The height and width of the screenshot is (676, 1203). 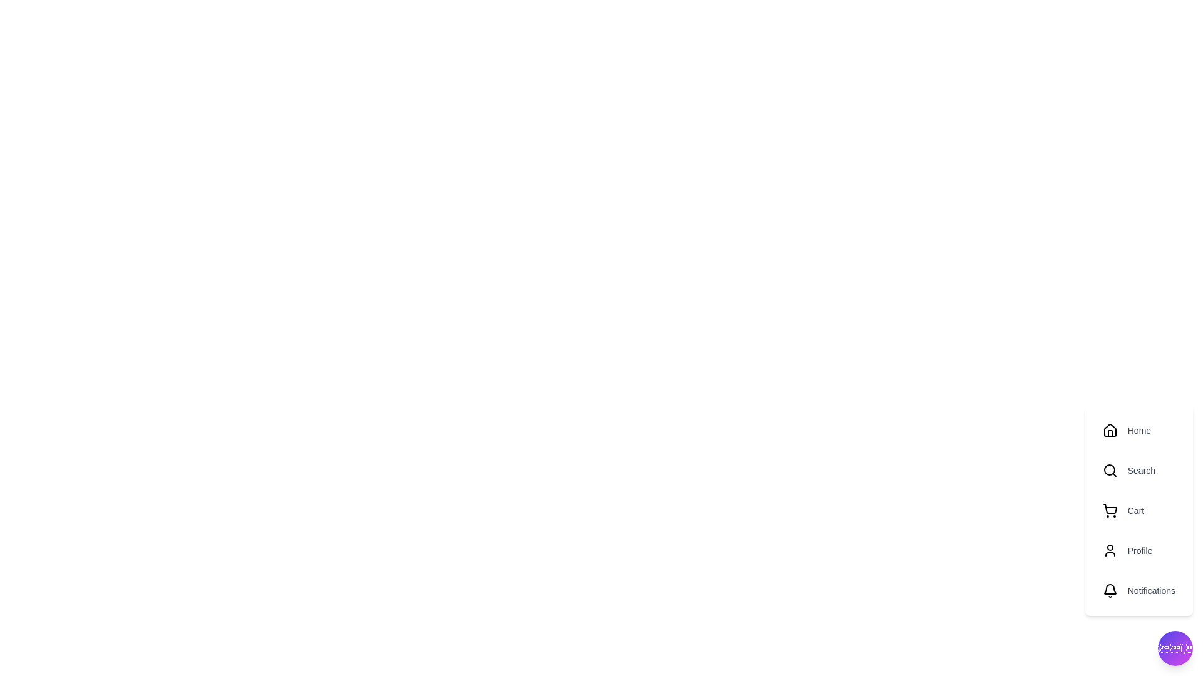 What do you see at coordinates (1138, 550) in the screenshot?
I see `the 'Profile' option in the menu` at bounding box center [1138, 550].